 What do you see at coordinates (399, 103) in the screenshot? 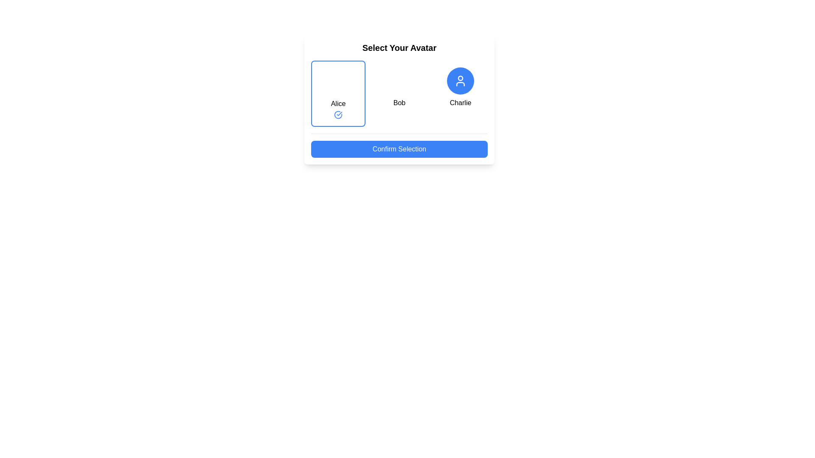
I see `the text label 'Bob' which is styled in medium font and located directly beneath the avatar icon in a vertical layout, positioned between the options 'Alice' and 'Charlie'` at bounding box center [399, 103].